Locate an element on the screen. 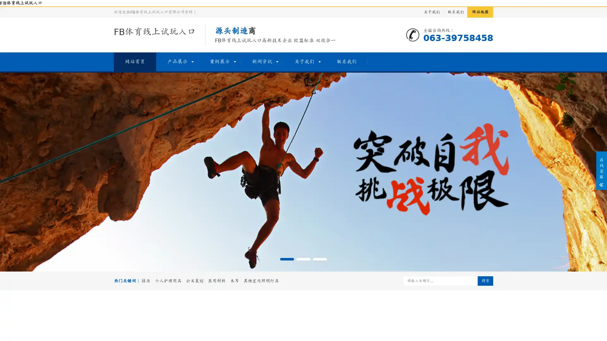  Go to slide 1 is located at coordinates (286, 259).